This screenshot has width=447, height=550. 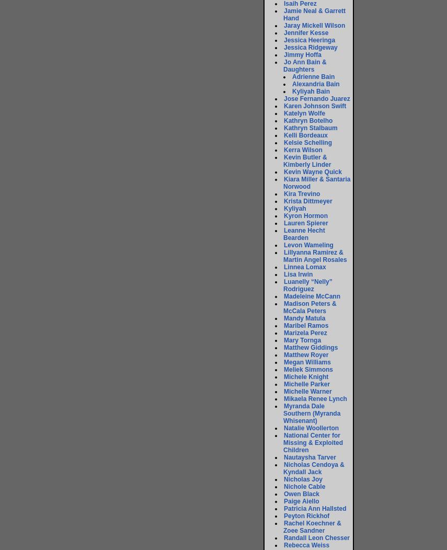 I want to click on 'Michele Knight', so click(x=305, y=377).